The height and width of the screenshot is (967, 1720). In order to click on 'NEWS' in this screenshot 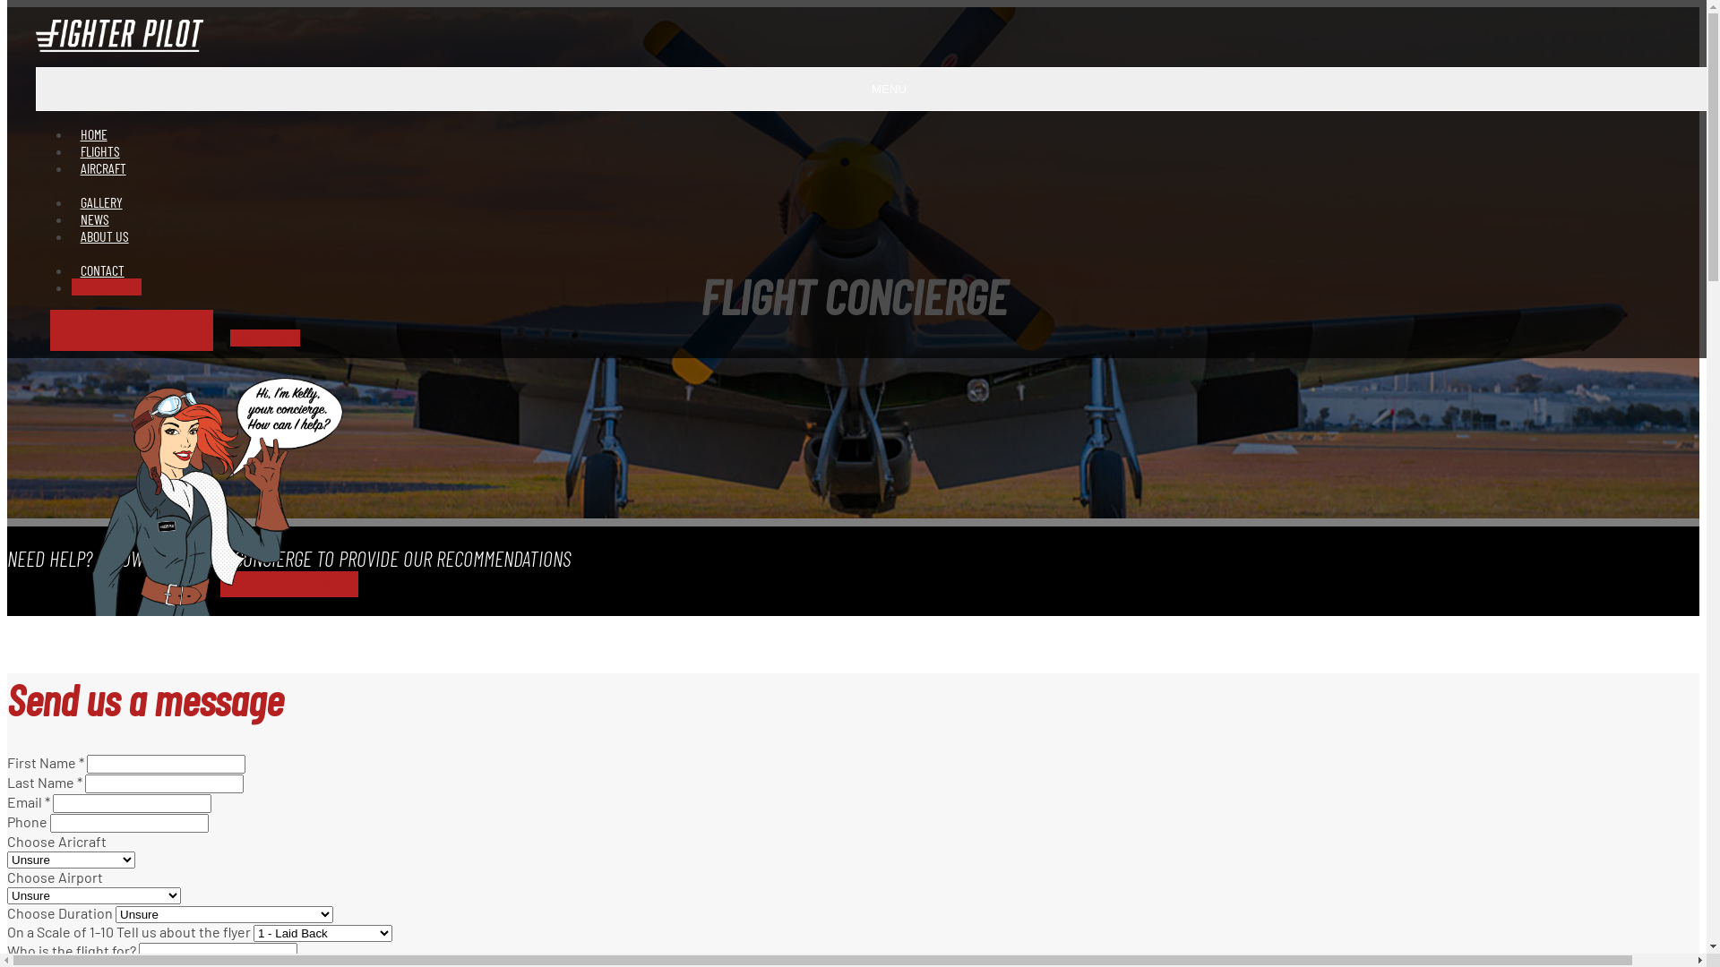, I will do `click(93, 218)`.